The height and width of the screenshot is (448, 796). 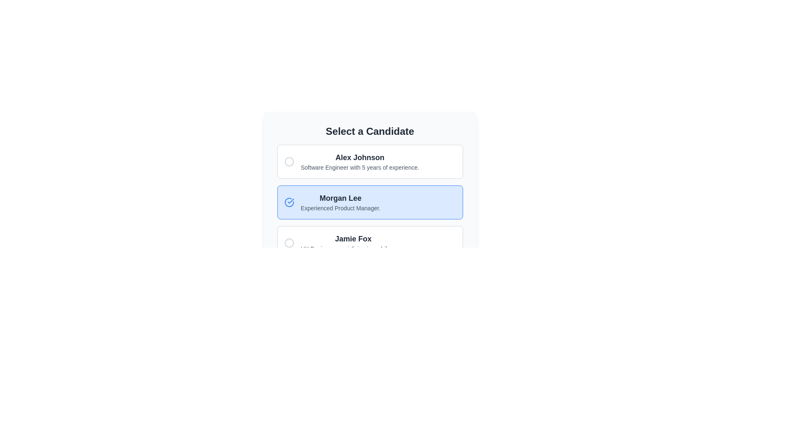 I want to click on the confirmation icon located to the left of the 'Morgan Lee' selection button to toggle the state of the associated user profile selection, so click(x=289, y=202).